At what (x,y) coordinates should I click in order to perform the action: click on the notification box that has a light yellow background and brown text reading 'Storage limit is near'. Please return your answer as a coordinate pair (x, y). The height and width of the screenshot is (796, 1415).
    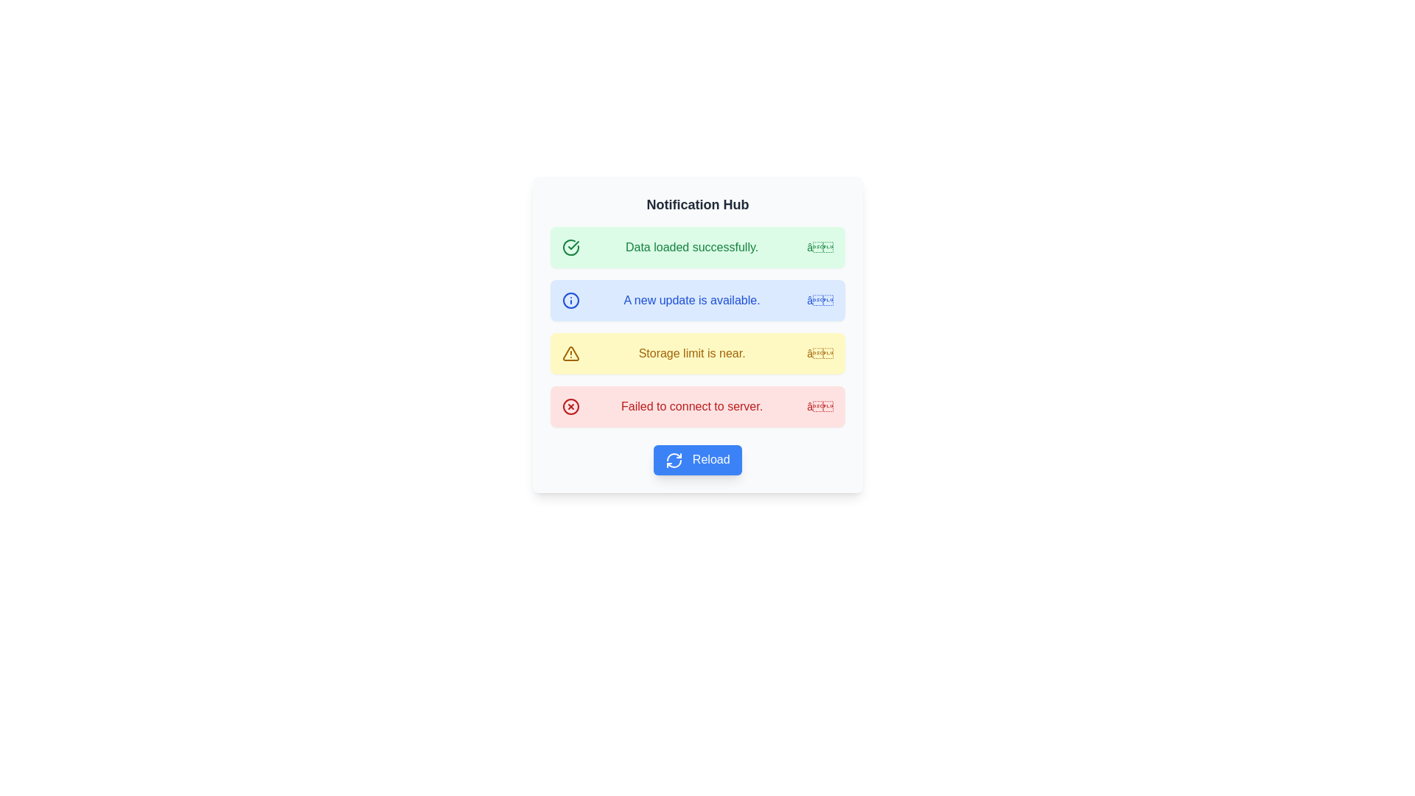
    Looking at the image, I should click on (696, 353).